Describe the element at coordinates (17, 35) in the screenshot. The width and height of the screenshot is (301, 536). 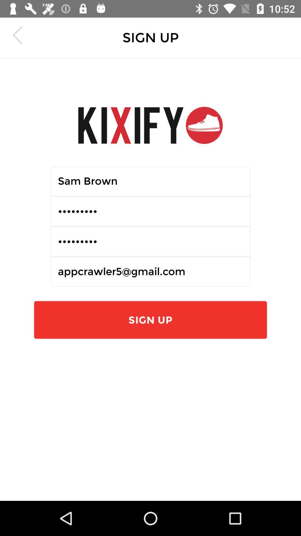
I see `the arrow_backward icon` at that location.